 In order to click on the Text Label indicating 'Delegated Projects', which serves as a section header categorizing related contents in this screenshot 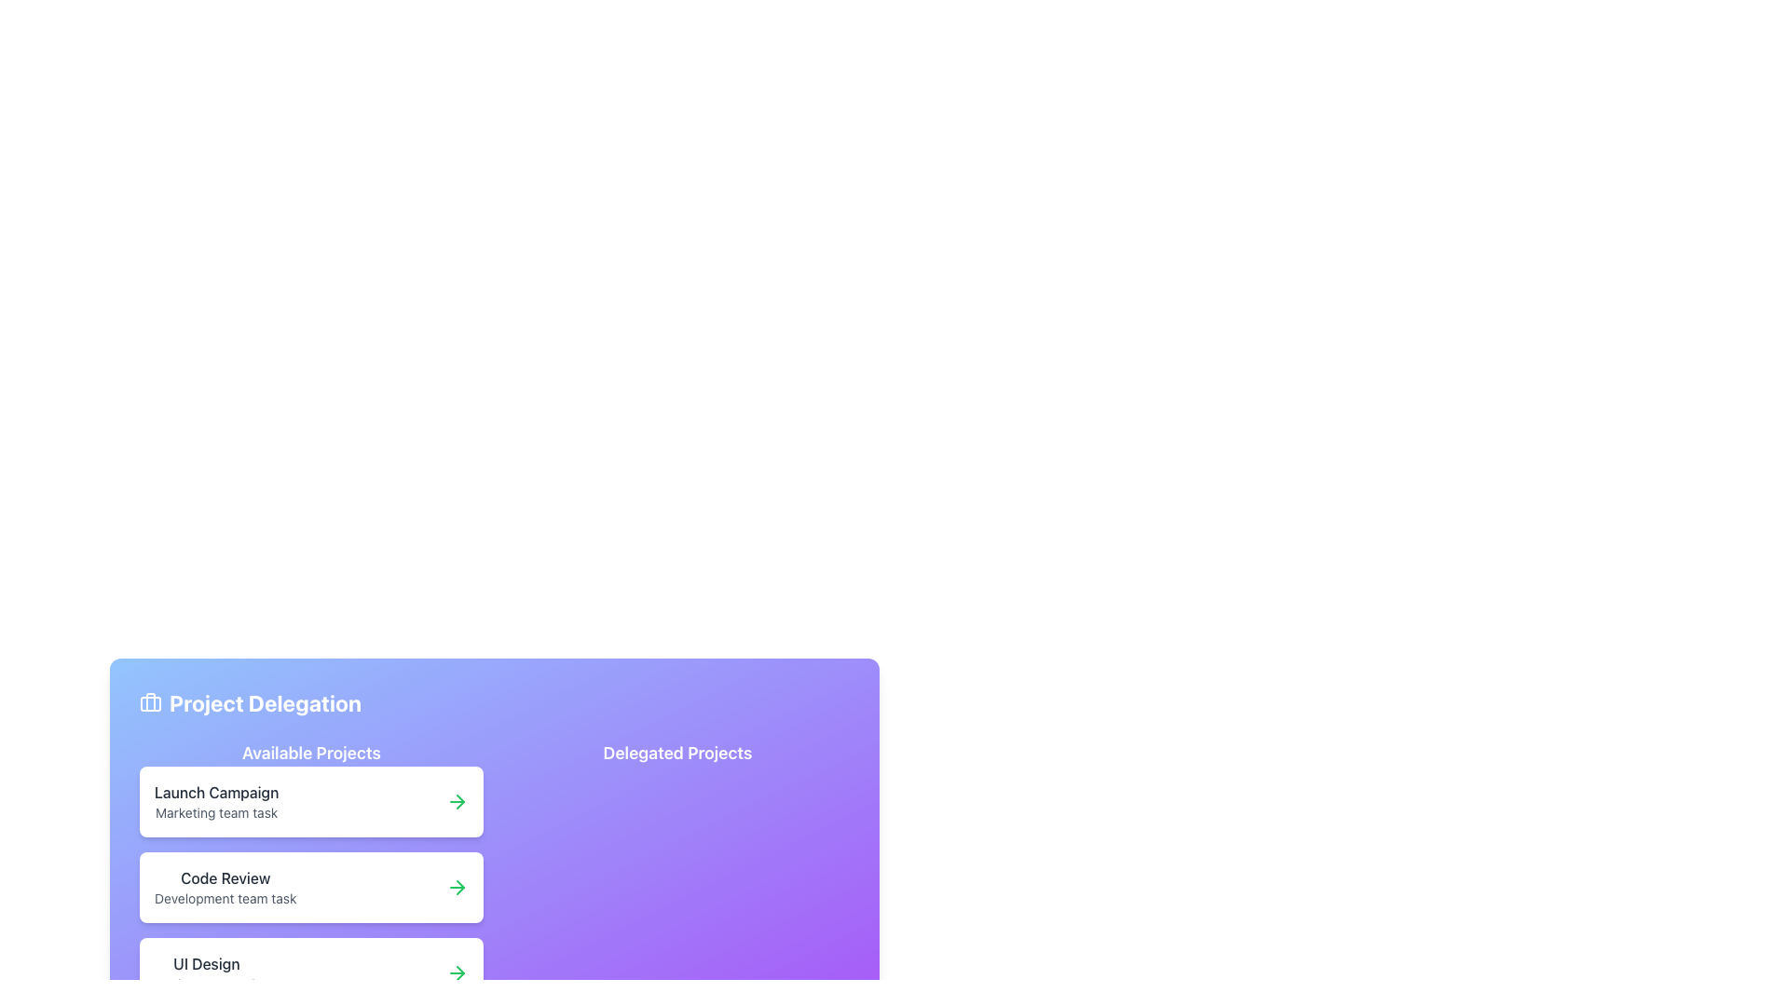, I will do `click(676, 753)`.